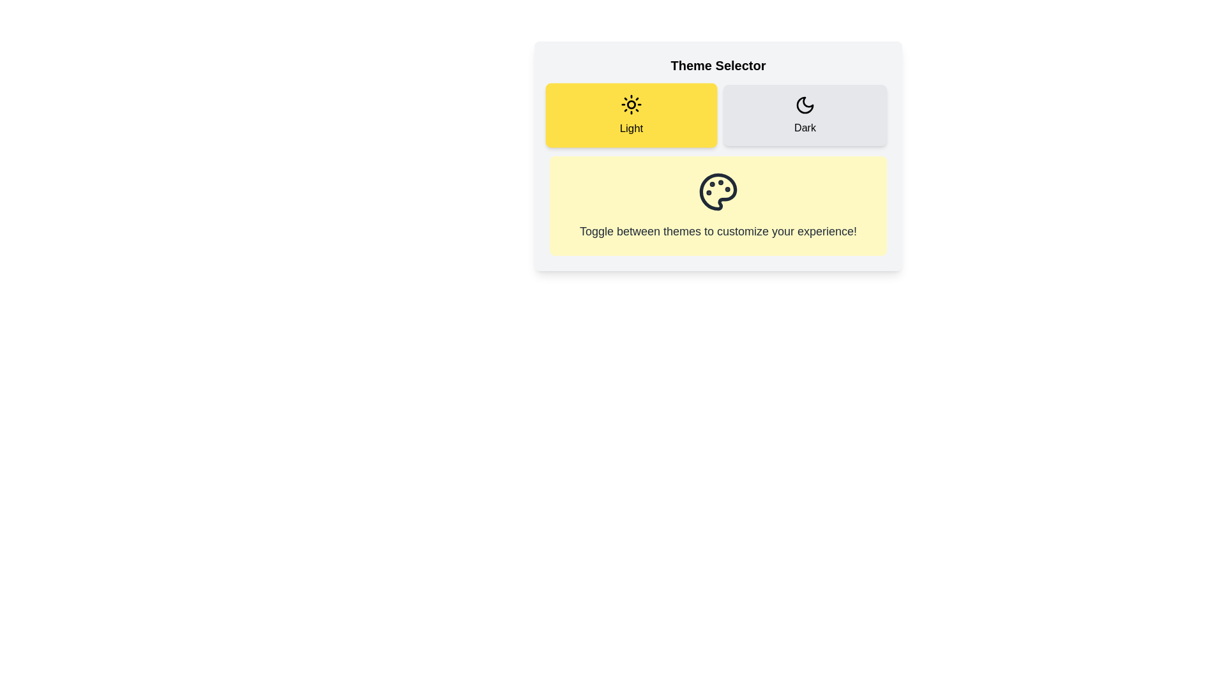 This screenshot has width=1226, height=689. Describe the element at coordinates (805, 105) in the screenshot. I see `the crescent moon icon located in the 'Dark' option of the theme selector to trigger the tooltip or feedback` at that location.